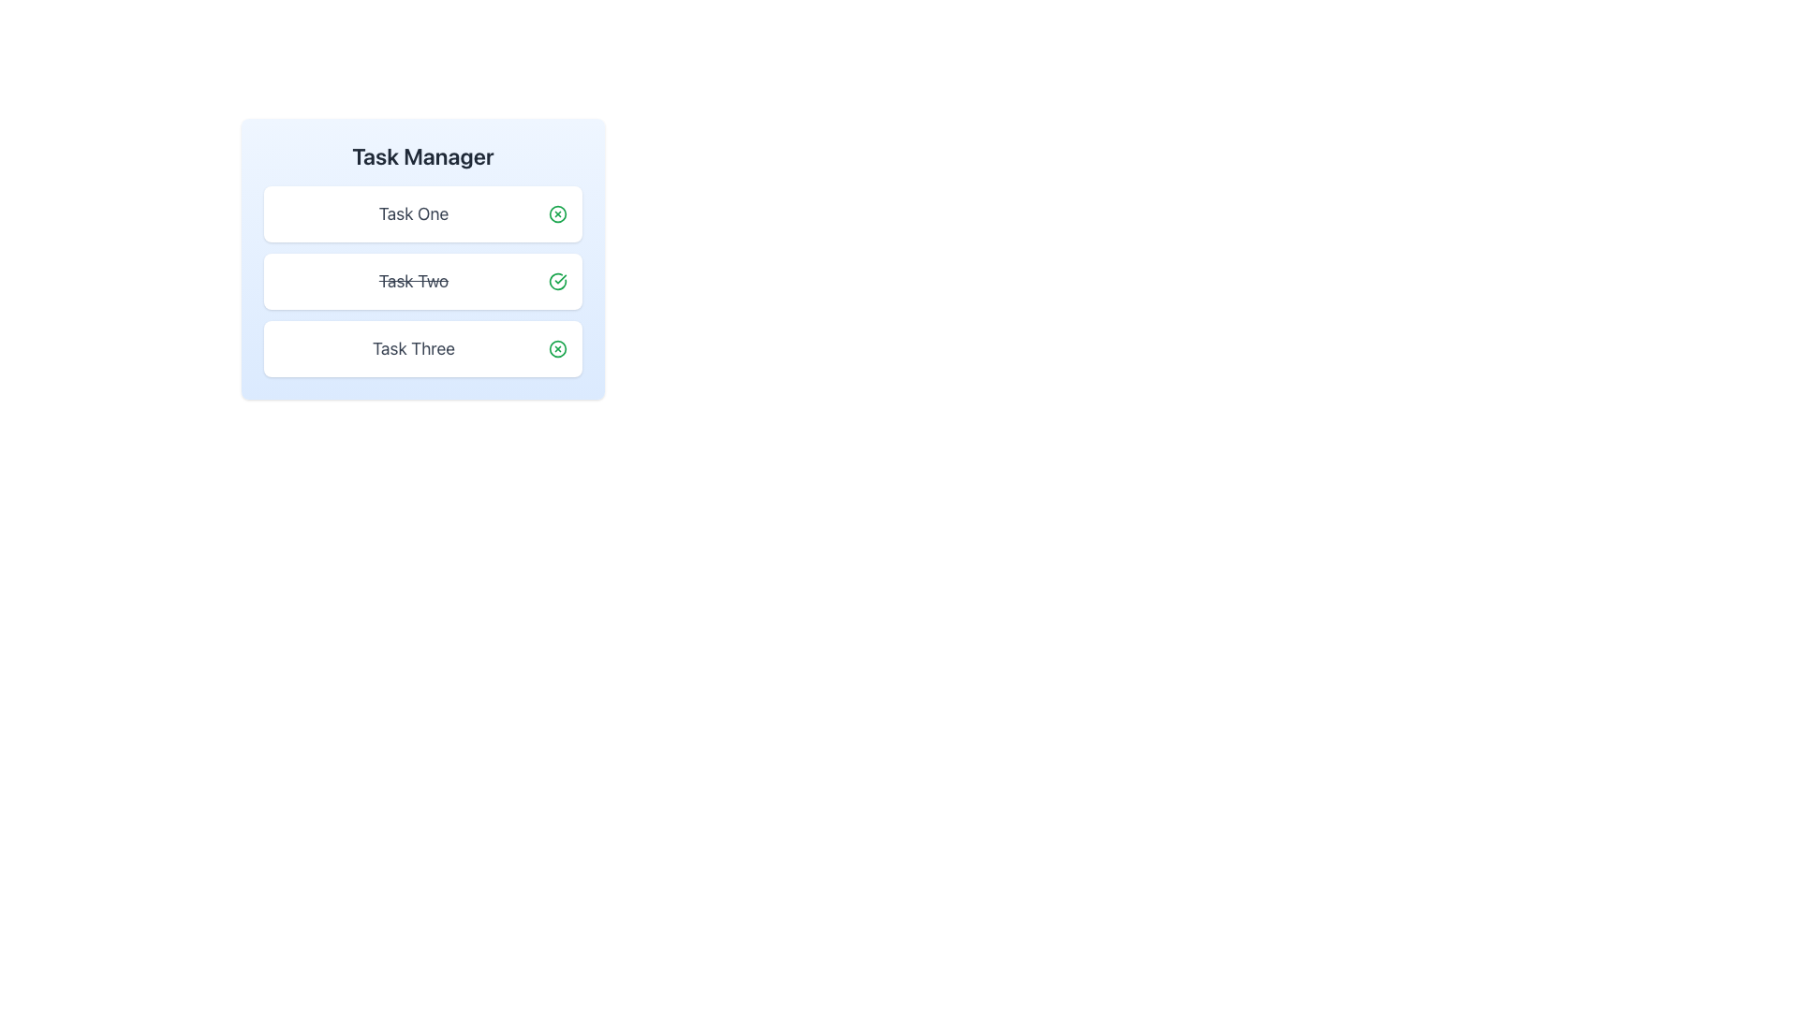 This screenshot has height=1011, width=1798. Describe the element at coordinates (556, 281) in the screenshot. I see `the circular check mark icon within the SVG group located in the second row of the 'Task Manager' section, adjacent to the text 'Task Two'` at that location.